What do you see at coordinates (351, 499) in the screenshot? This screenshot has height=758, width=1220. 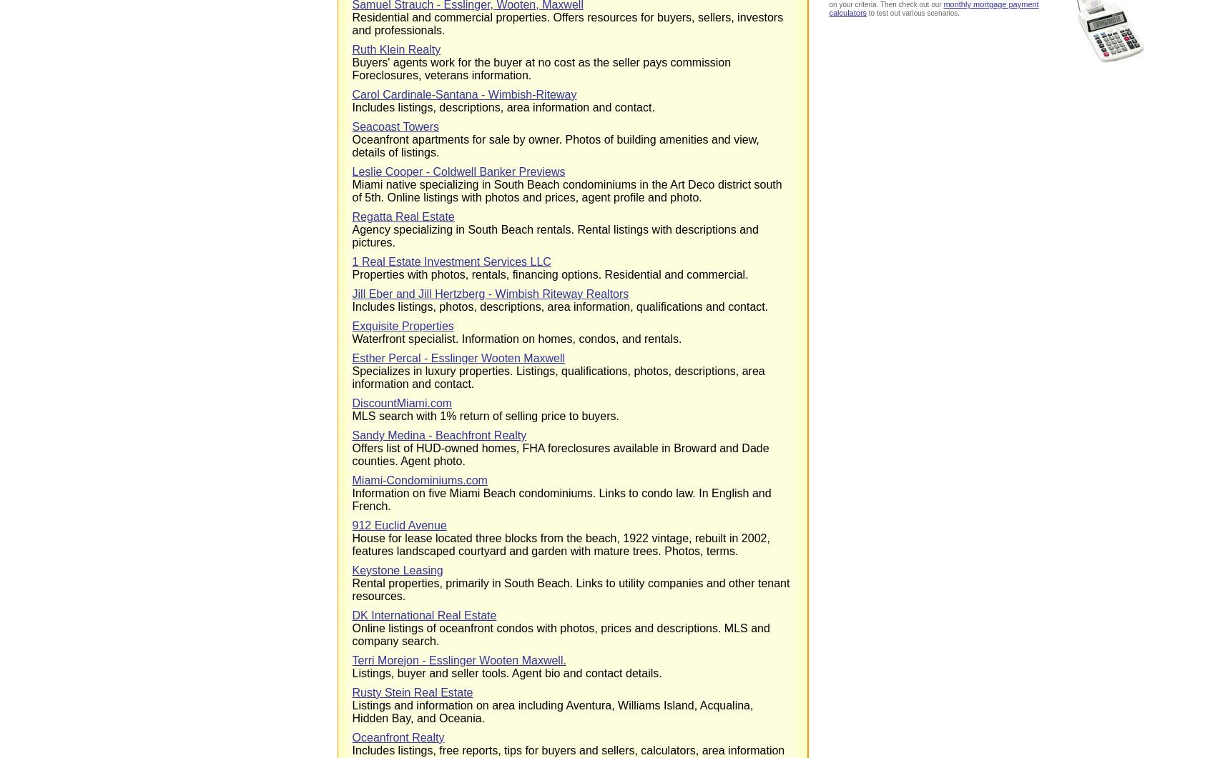 I see `'Information on five Miami Beach condominiums. Links to condo law. In English and French.'` at bounding box center [351, 499].